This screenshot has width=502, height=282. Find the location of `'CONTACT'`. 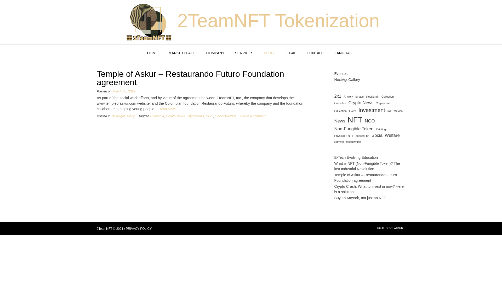

'CONTACT' is located at coordinates (315, 53).